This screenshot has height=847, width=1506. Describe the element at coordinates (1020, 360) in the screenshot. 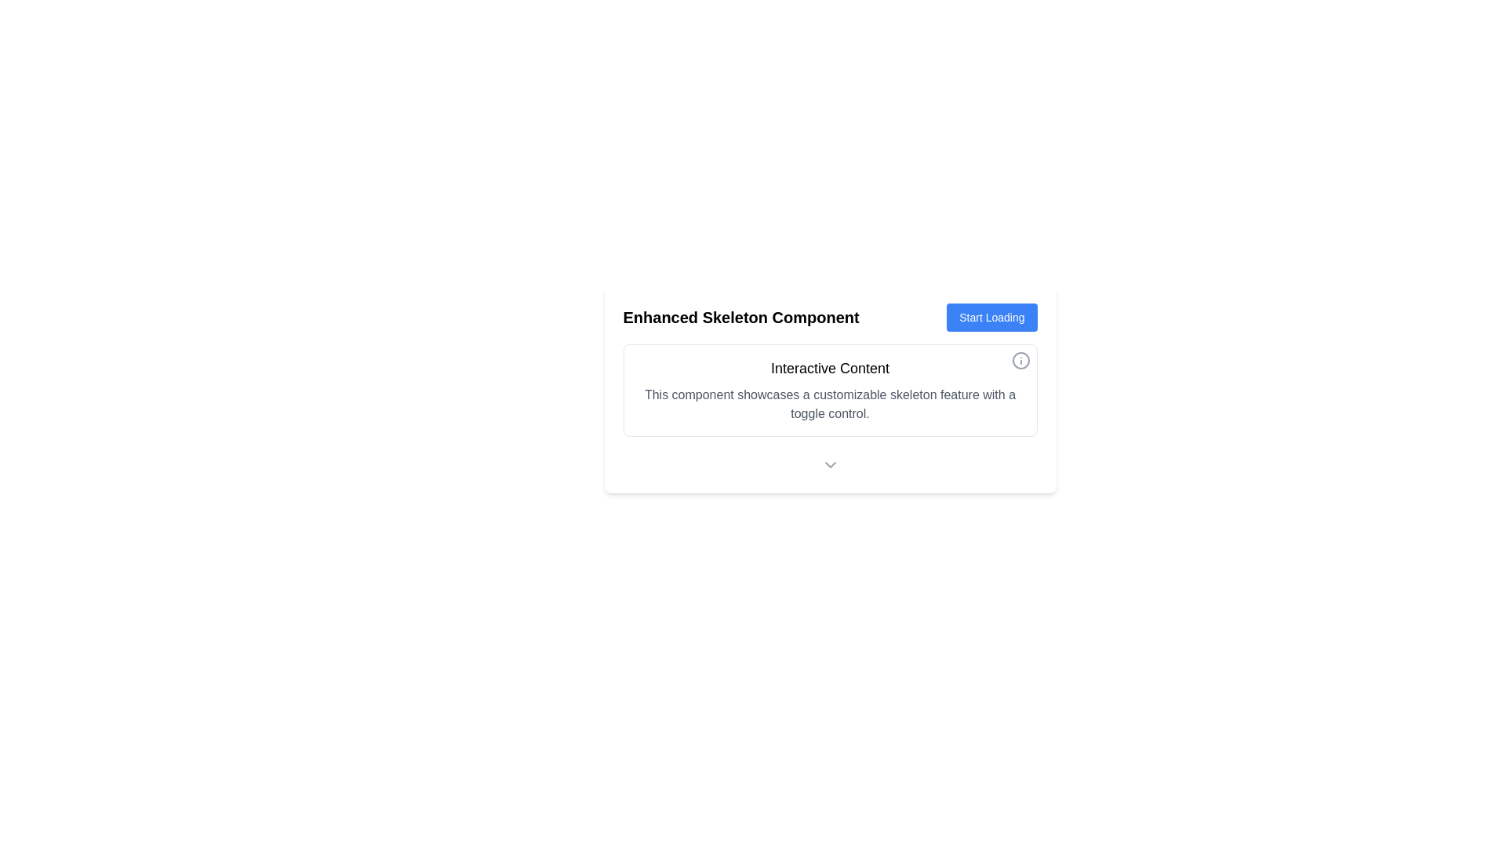

I see `the gray circular icon resembling an information symbol located at the top-right corner of the box labeled 'Interactive Content'` at that location.